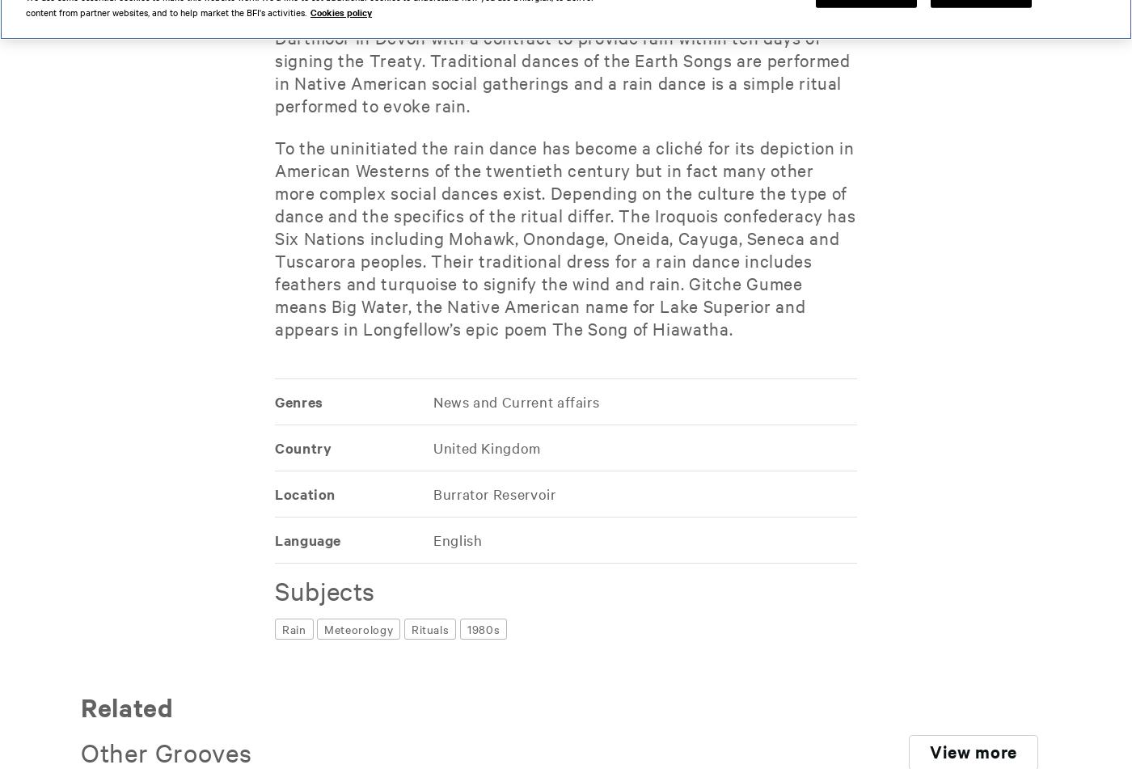  I want to click on 'Rain', so click(294, 628).